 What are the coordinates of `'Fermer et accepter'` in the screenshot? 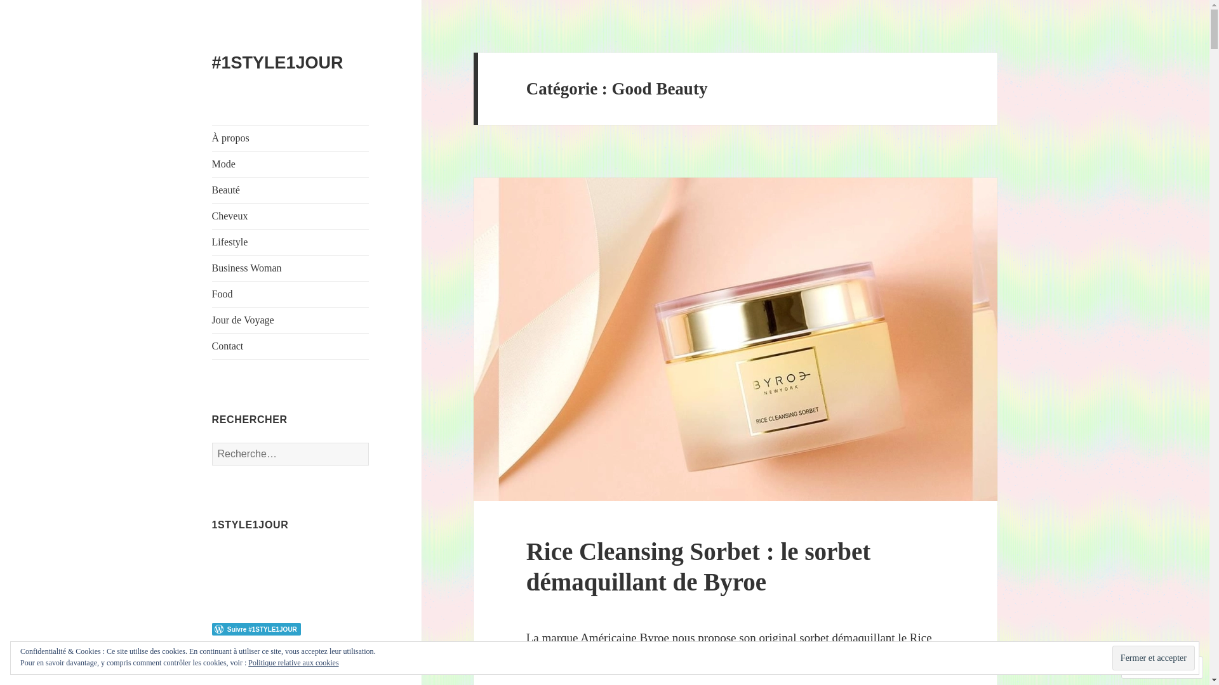 It's located at (1112, 657).